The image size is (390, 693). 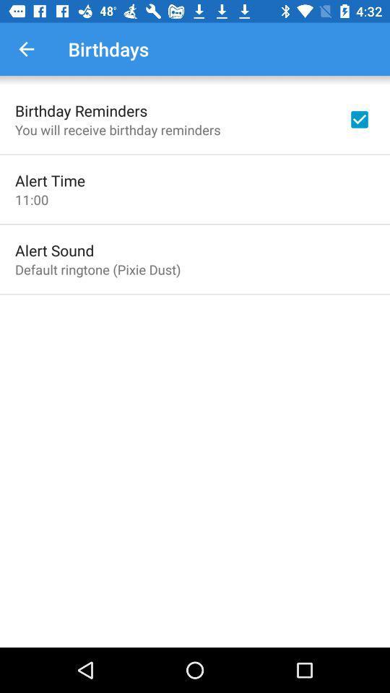 I want to click on default ringtone pixie icon, so click(x=97, y=269).